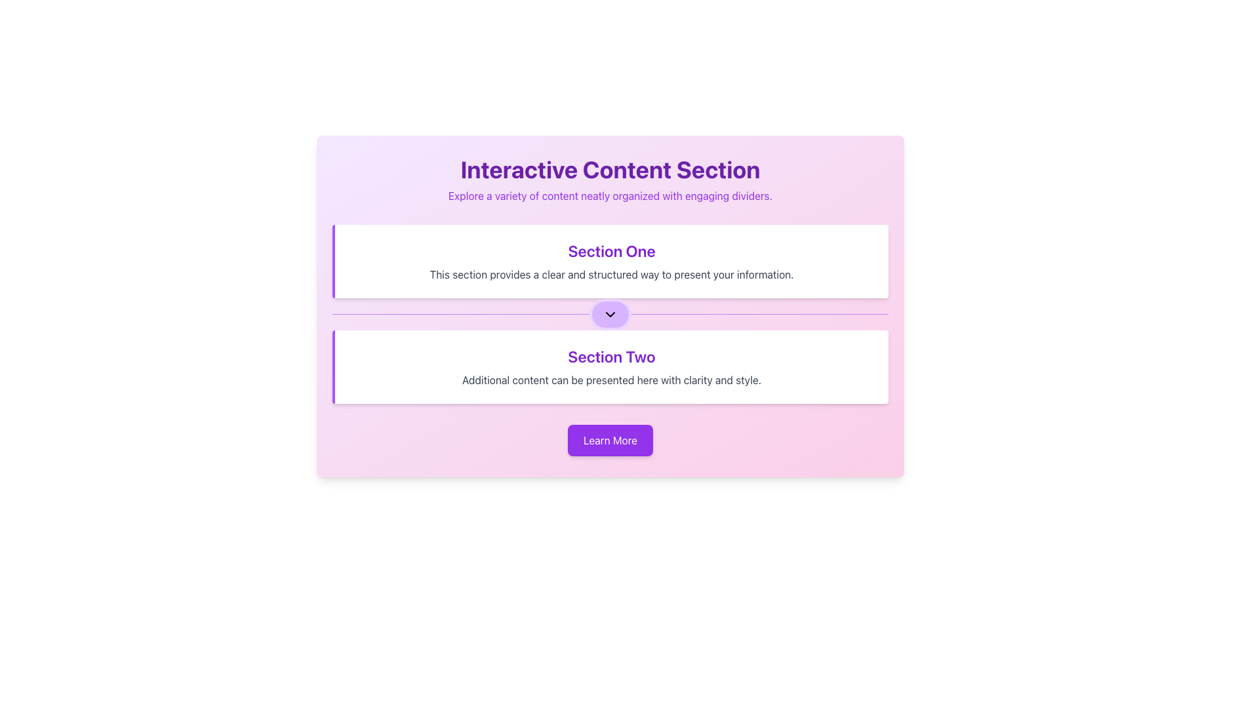  Describe the element at coordinates (610, 180) in the screenshot. I see `the centered text block titled 'Interactive Content Section' which features a bold purple title and lighter purple description, located near the top of the panel` at that location.